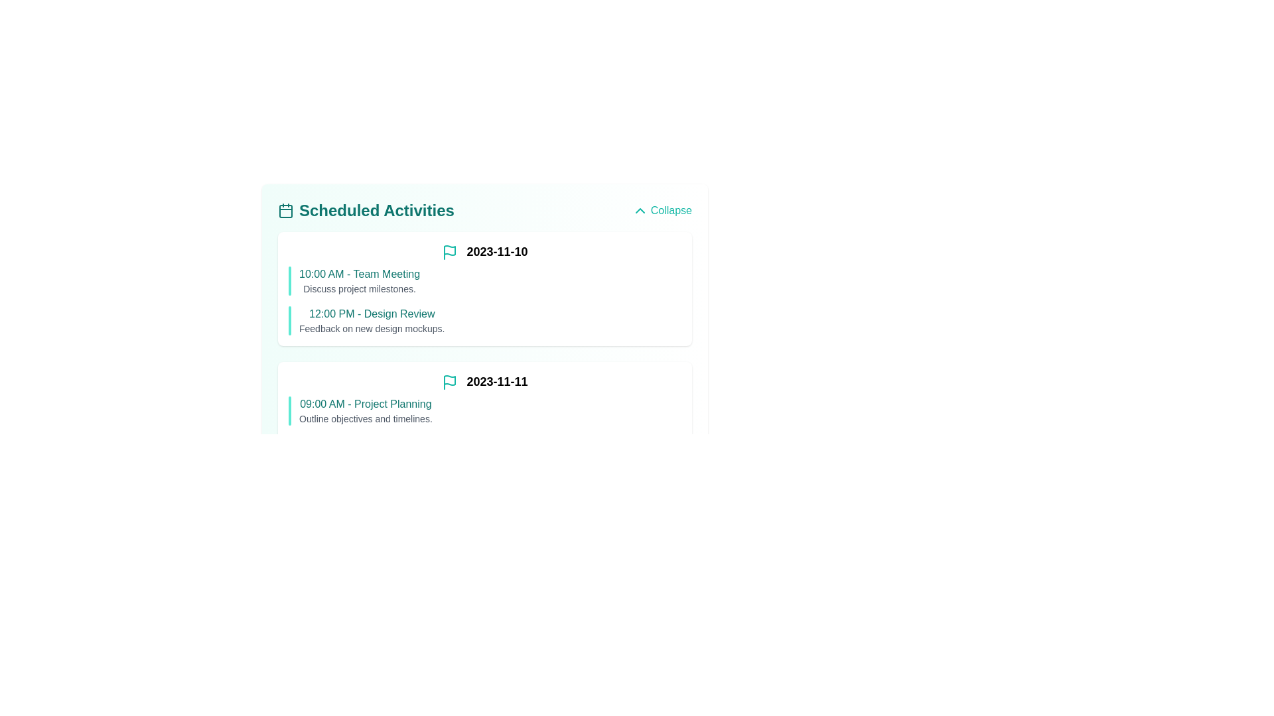 This screenshot has height=716, width=1274. I want to click on the List Item element that displays '12:00 PM - Design Review' with the teal-colored font and 'Feedback on new design mockups' below it, which is the second item in the event list for '2023-11-10', so click(372, 320).